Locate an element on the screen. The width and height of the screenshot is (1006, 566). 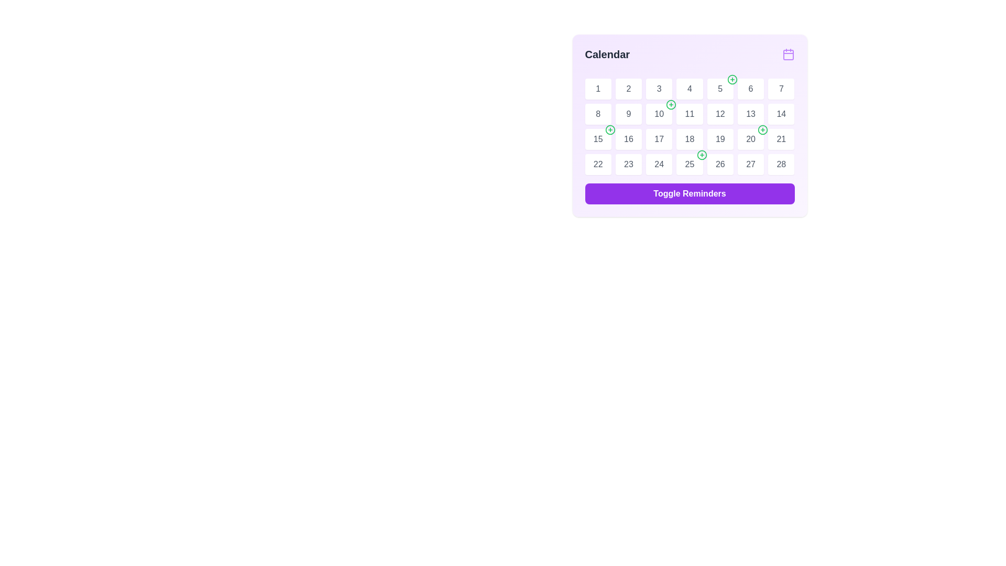
the numeric label displaying the number '18' in gray color, which is centered inside a white tile in the calendar interface is located at coordinates (690, 138).